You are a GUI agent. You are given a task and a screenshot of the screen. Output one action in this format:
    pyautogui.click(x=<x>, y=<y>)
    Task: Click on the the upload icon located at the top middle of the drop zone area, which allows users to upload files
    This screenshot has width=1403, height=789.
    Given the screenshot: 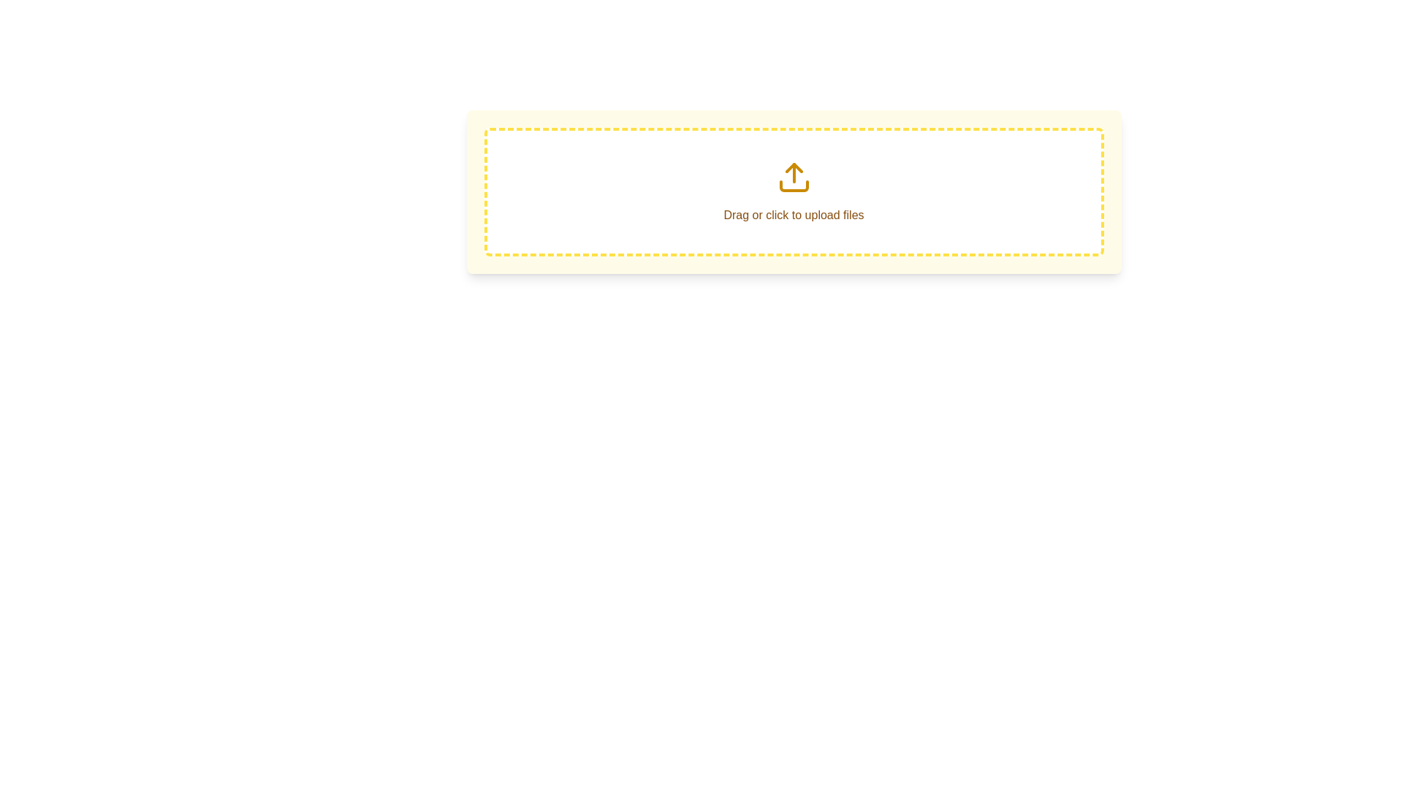 What is the action you would take?
    pyautogui.click(x=793, y=167)
    